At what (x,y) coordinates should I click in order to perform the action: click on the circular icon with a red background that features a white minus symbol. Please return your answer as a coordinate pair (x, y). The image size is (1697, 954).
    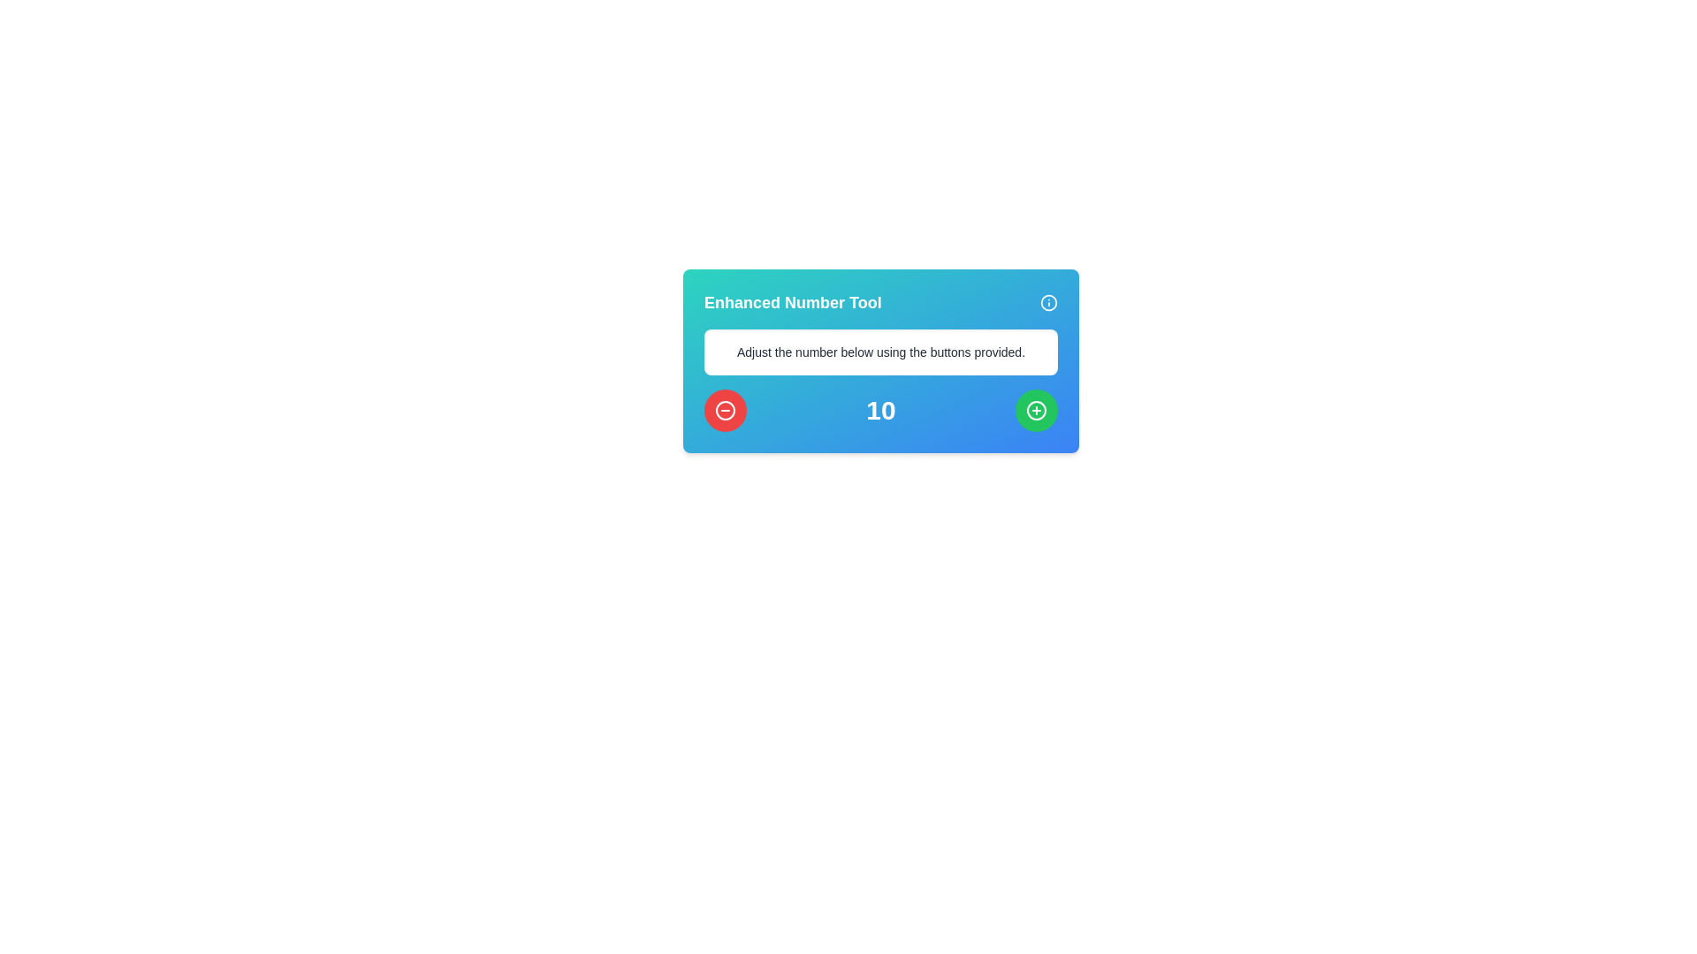
    Looking at the image, I should click on (725, 411).